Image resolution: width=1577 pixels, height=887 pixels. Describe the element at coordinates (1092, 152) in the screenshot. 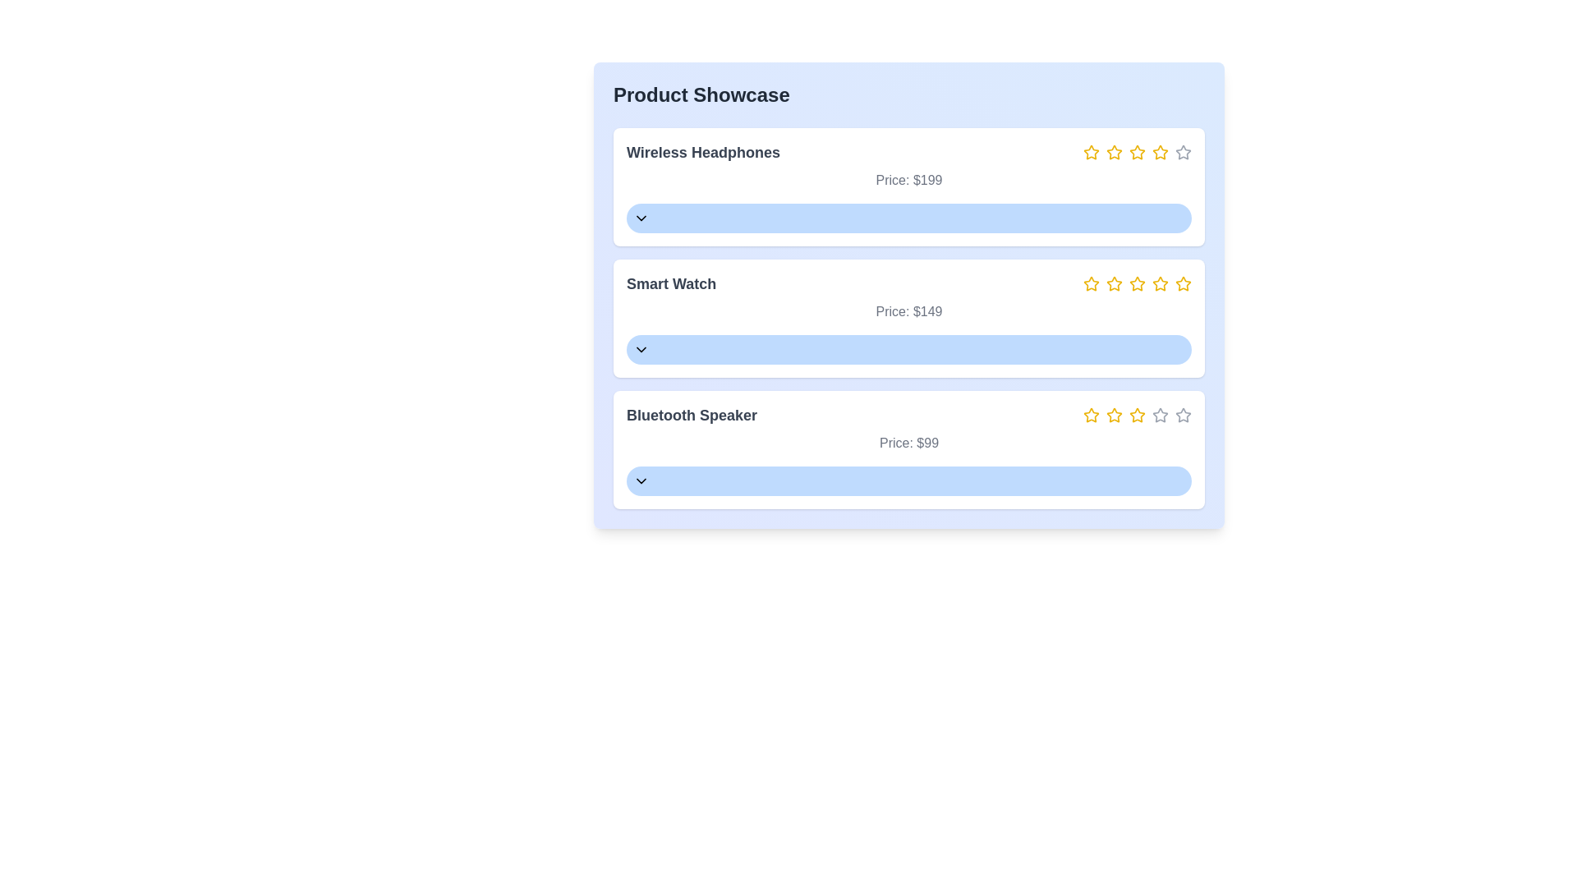

I see `the first yellow star icon in the rating row of the 'Wireless Headphones' product` at that location.